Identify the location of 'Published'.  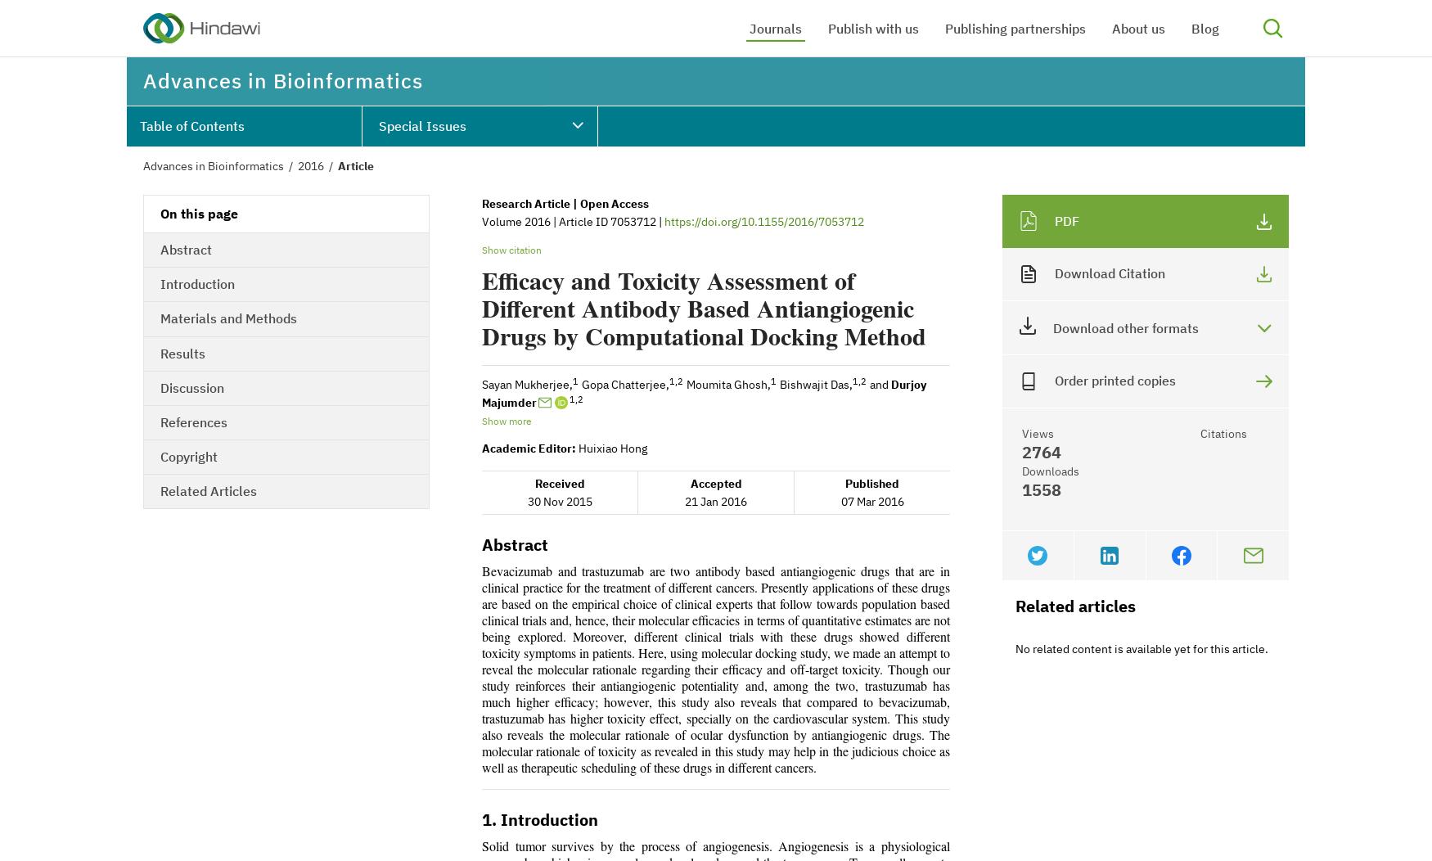
(871, 483).